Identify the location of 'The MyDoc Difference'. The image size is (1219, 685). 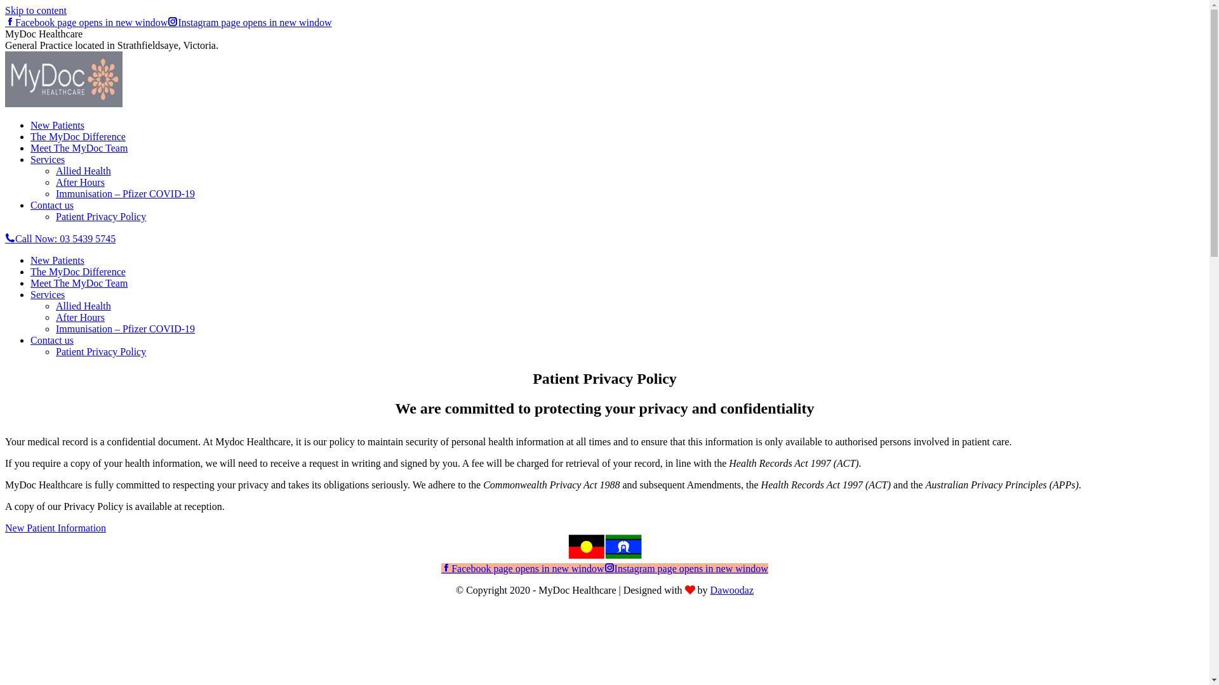
(77, 271).